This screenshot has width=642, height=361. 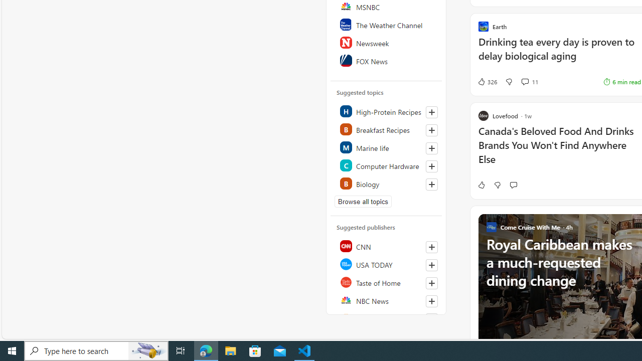 I want to click on 'Like', so click(x=480, y=185).